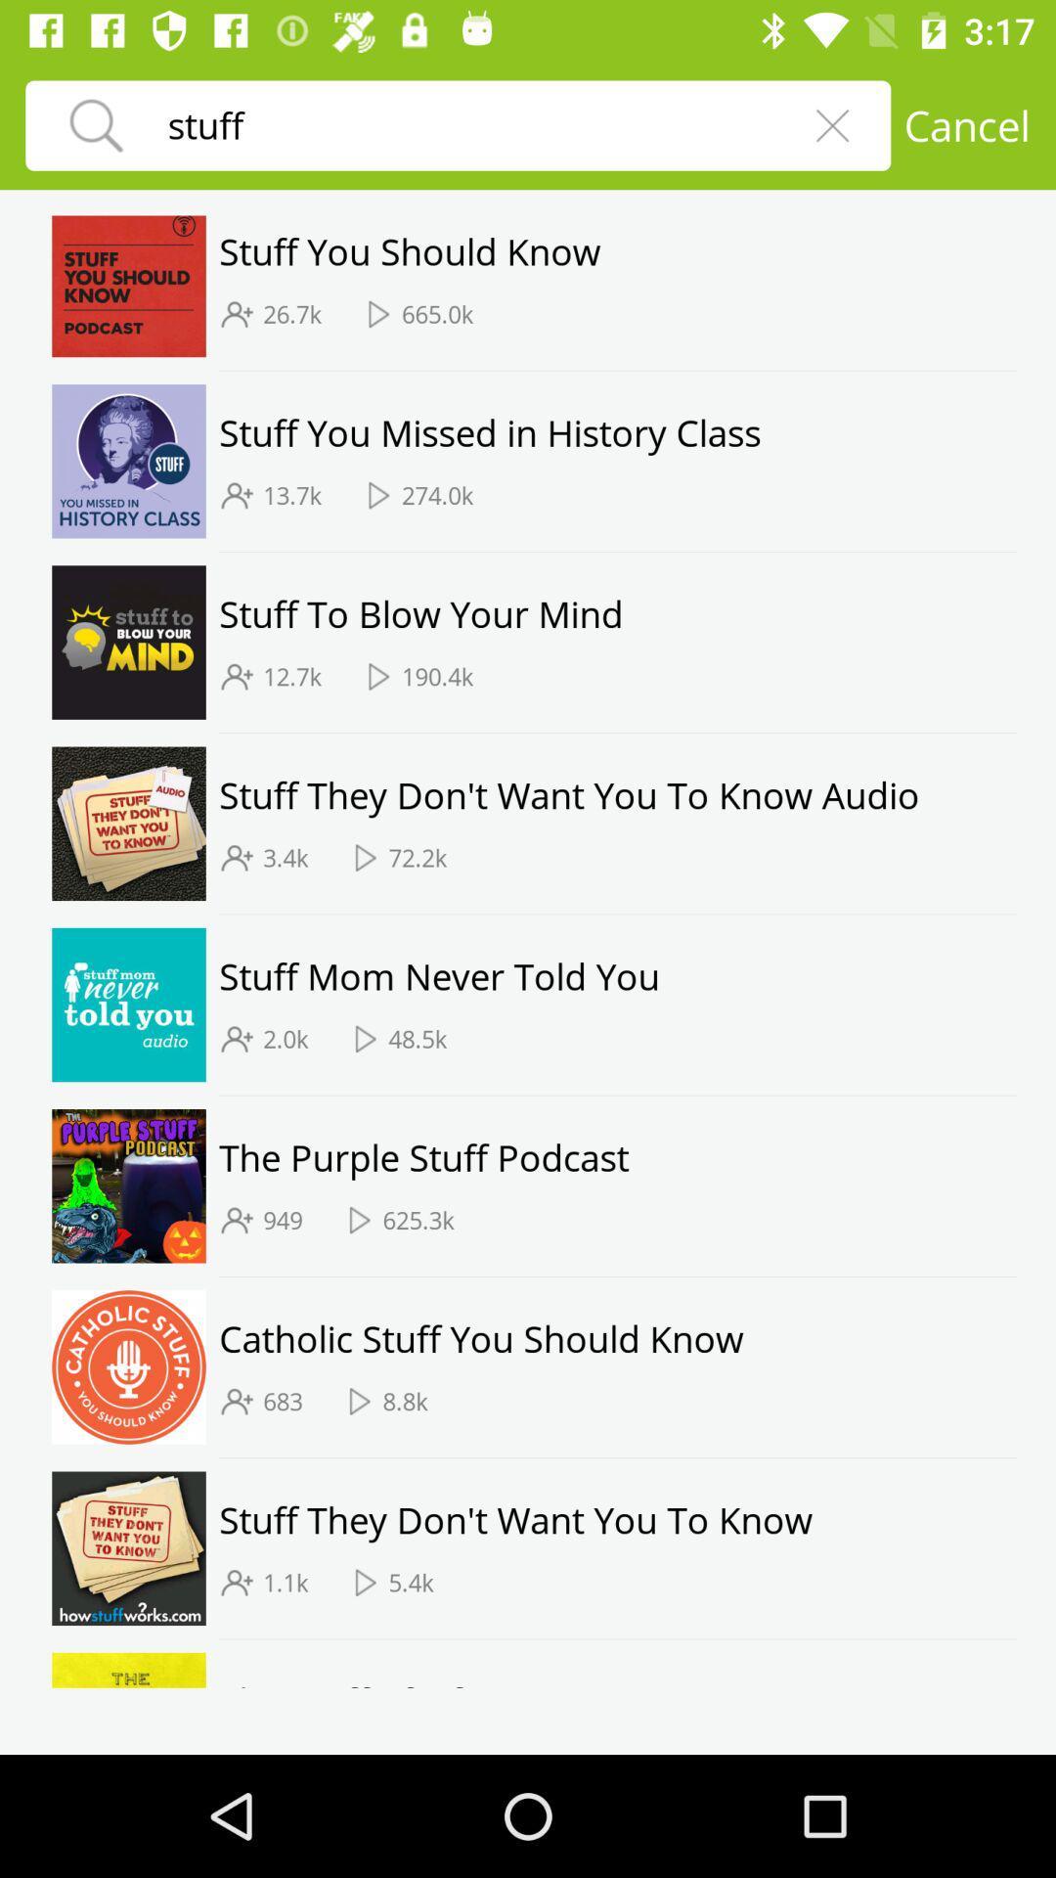 The height and width of the screenshot is (1878, 1056). Describe the element at coordinates (617, 1638) in the screenshot. I see `the item above the the stuff of item` at that location.